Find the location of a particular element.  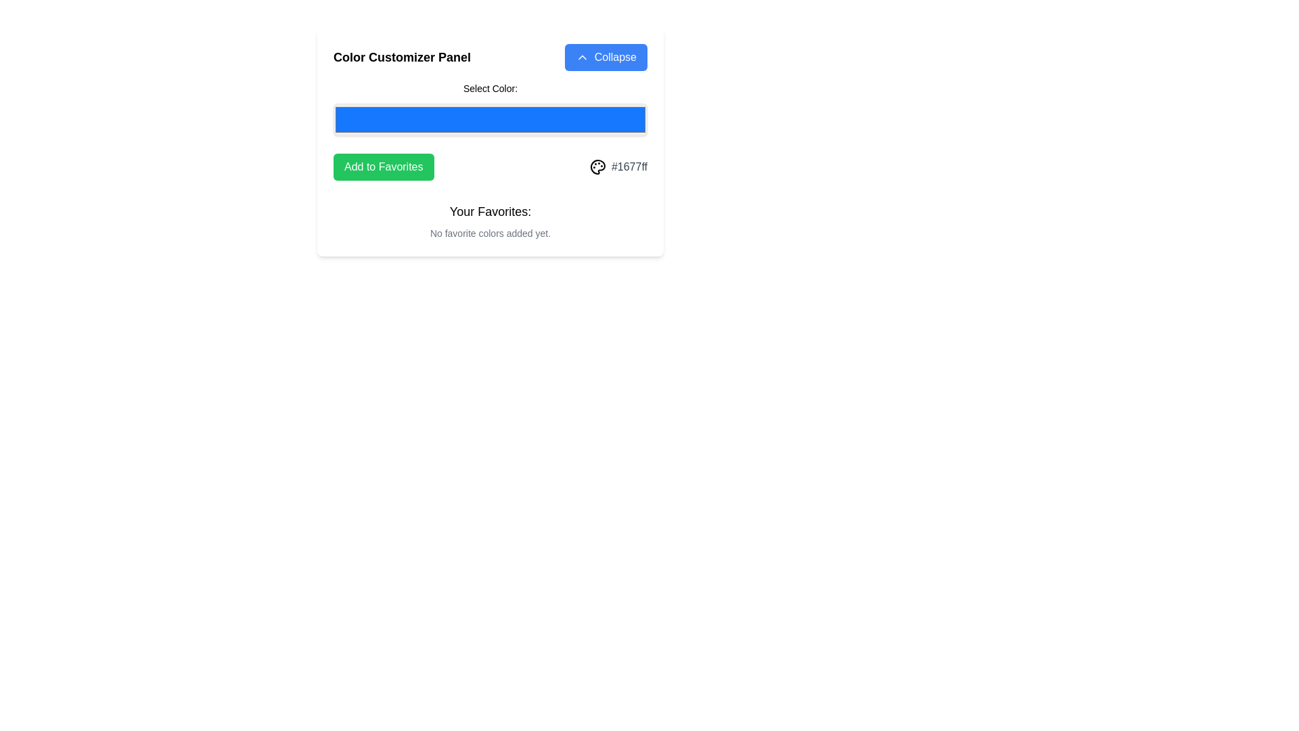

color is located at coordinates (489, 119).